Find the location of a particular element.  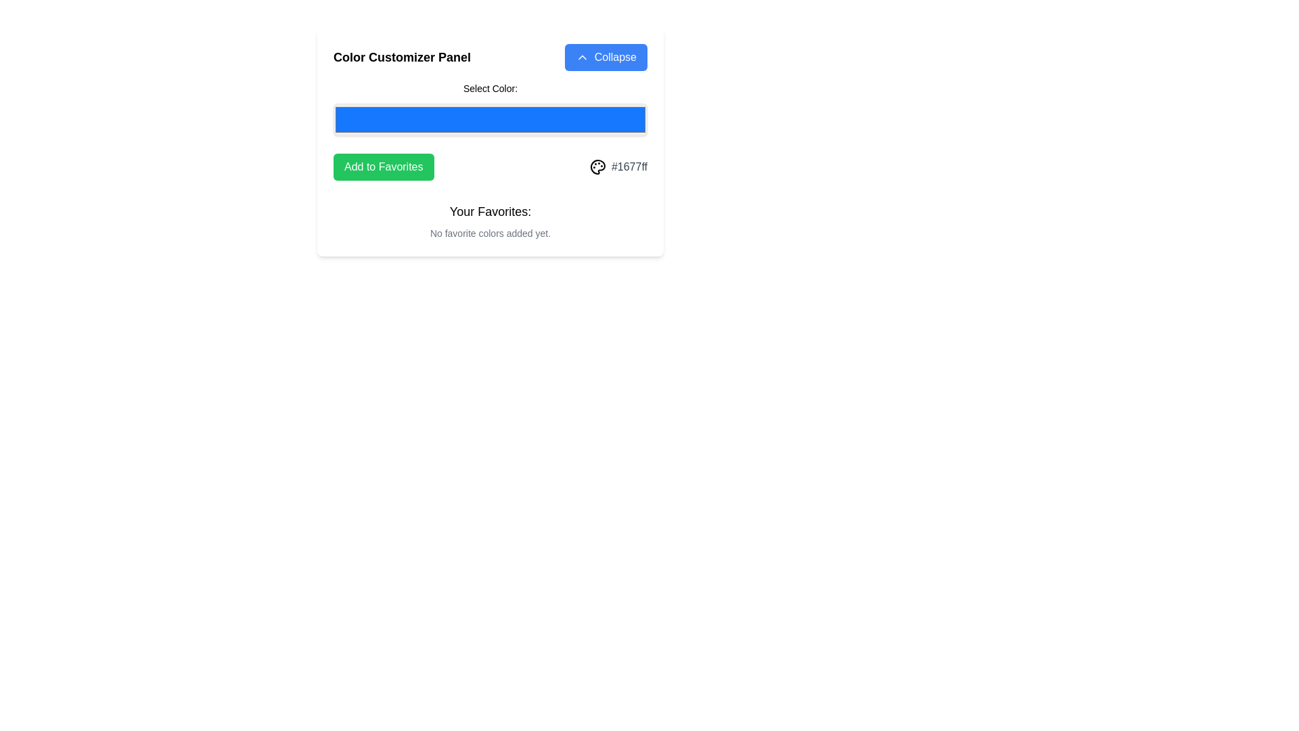

color is located at coordinates (489, 119).